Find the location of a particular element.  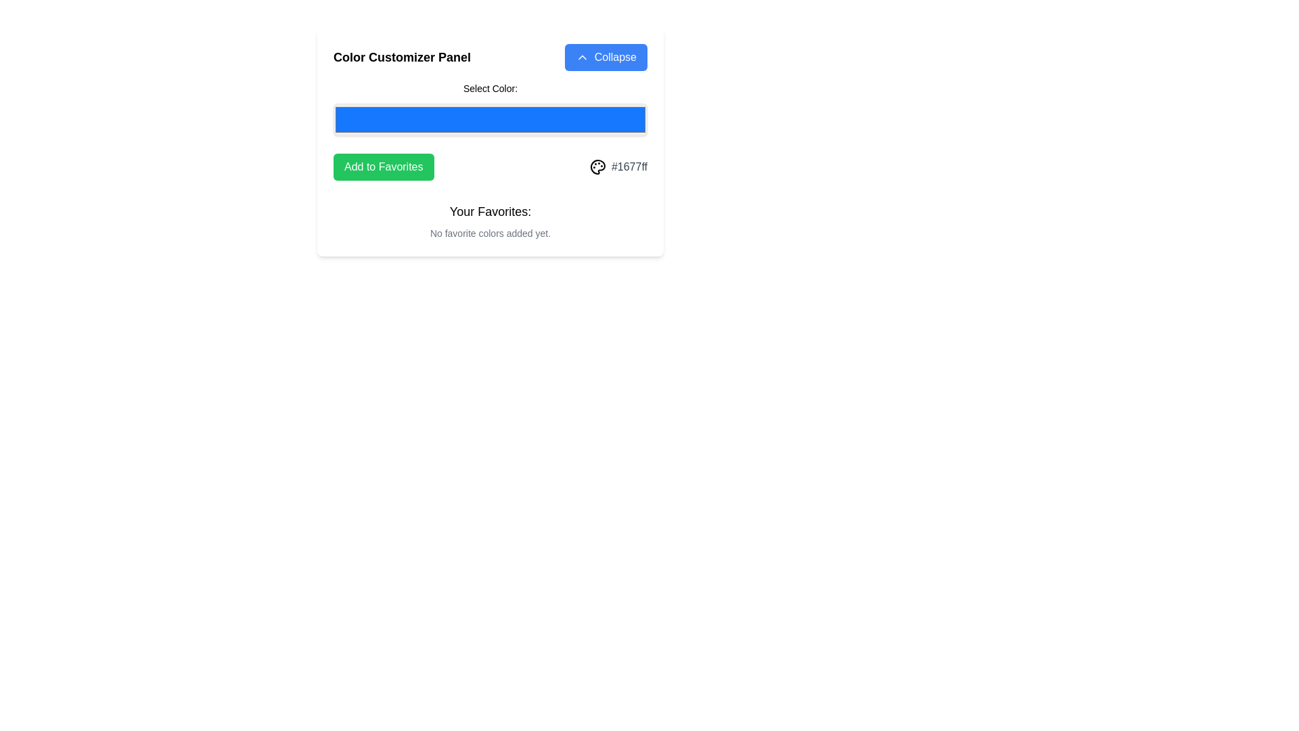

color is located at coordinates (489, 119).